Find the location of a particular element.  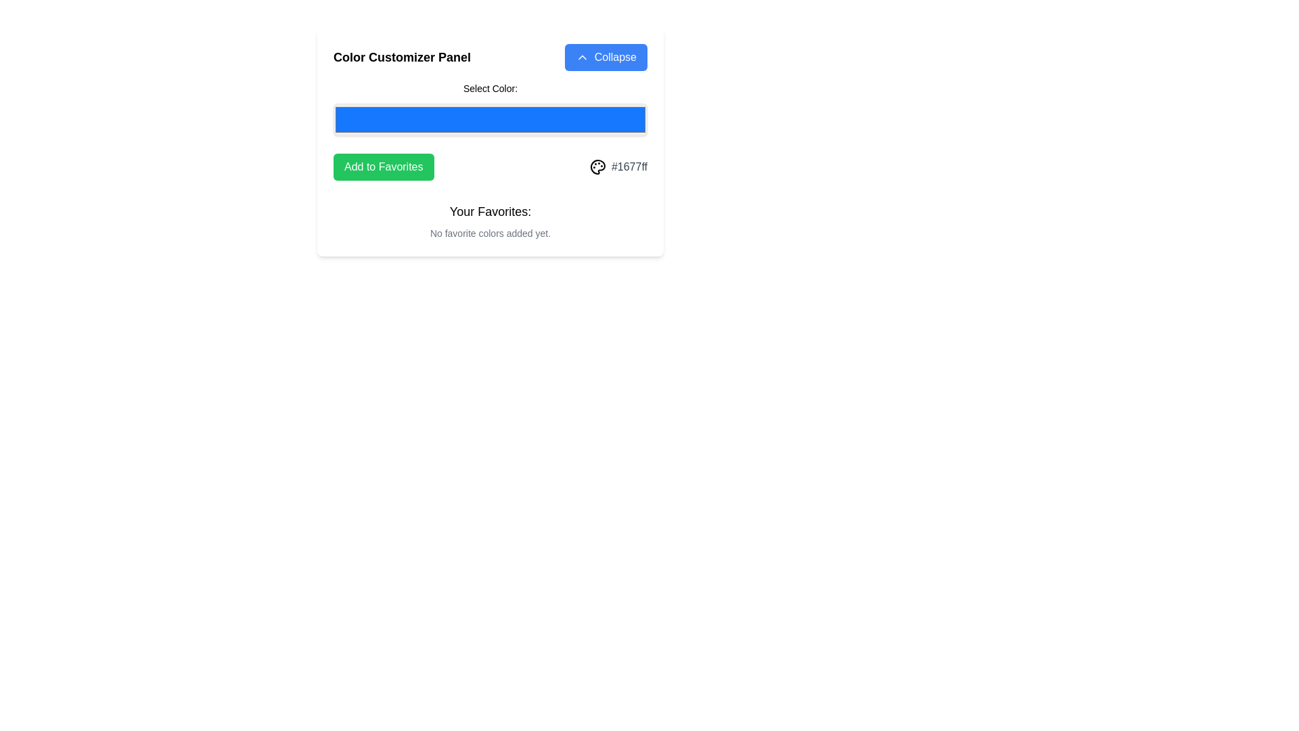

color is located at coordinates (489, 119).